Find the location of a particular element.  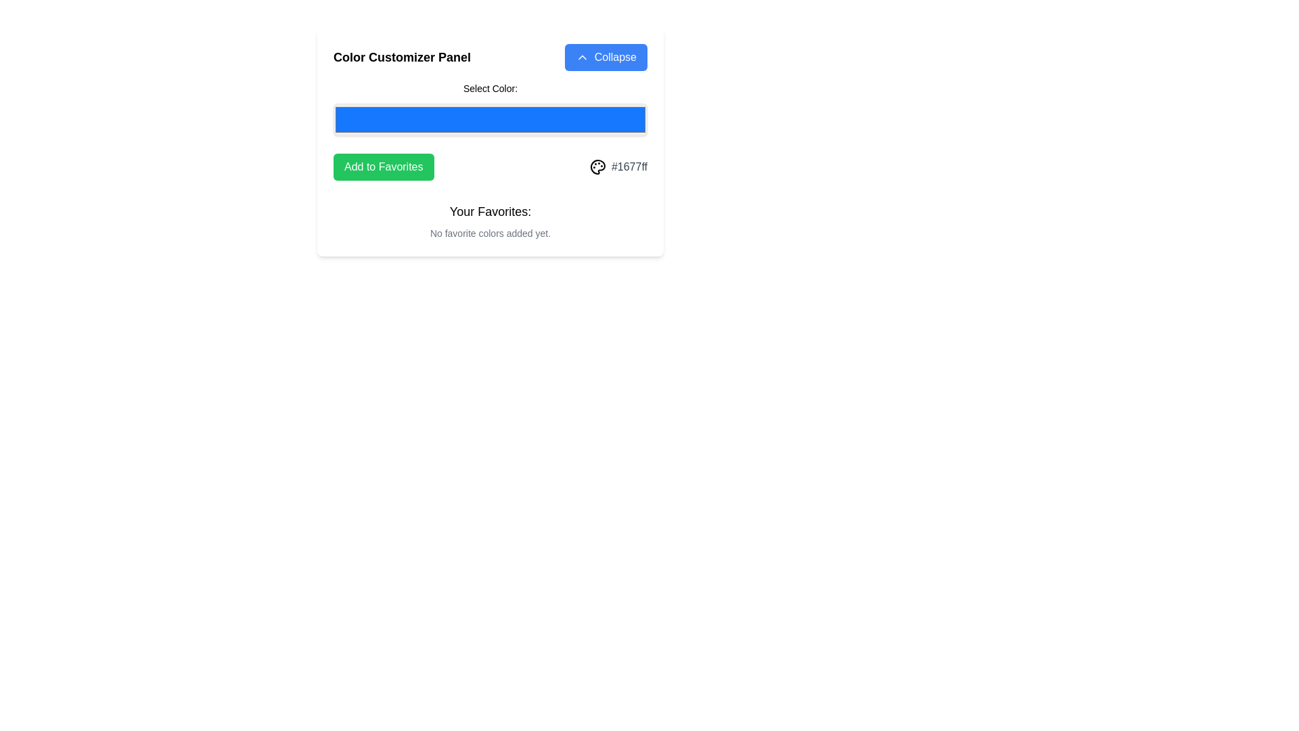

color is located at coordinates (489, 119).